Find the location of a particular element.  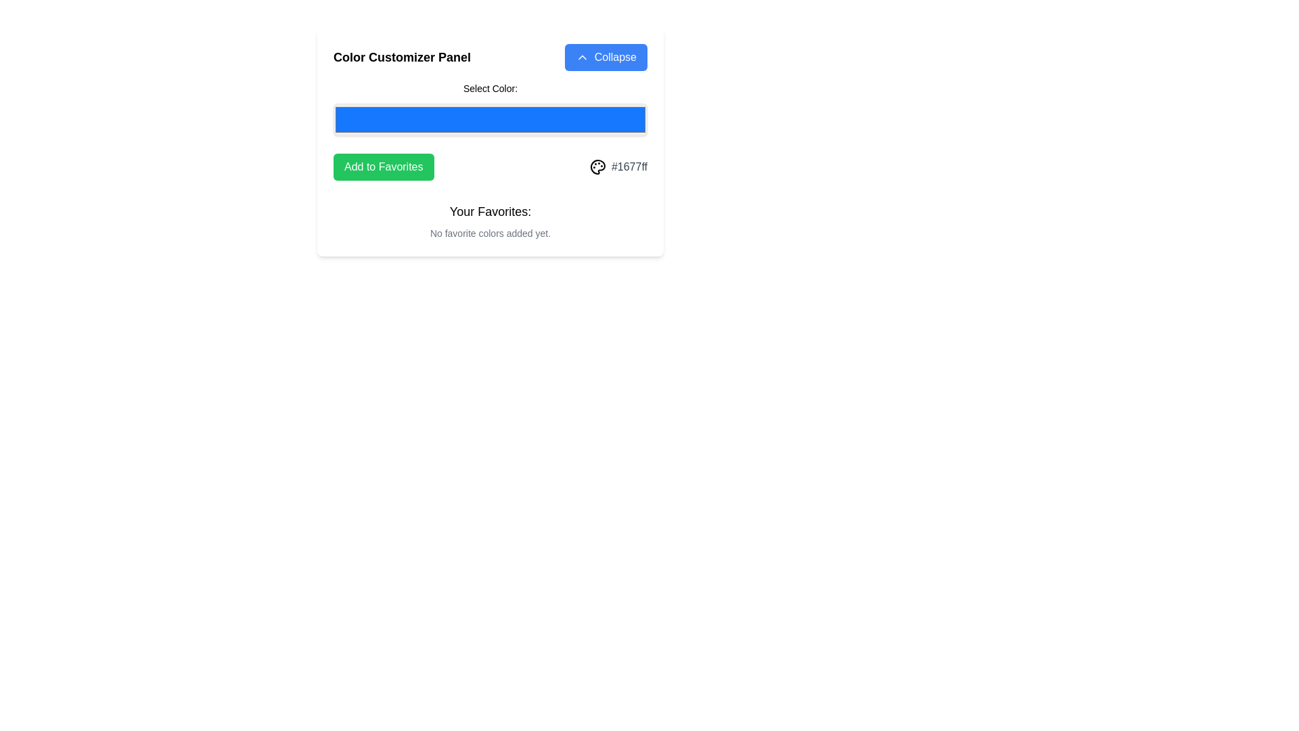

color is located at coordinates (489, 119).